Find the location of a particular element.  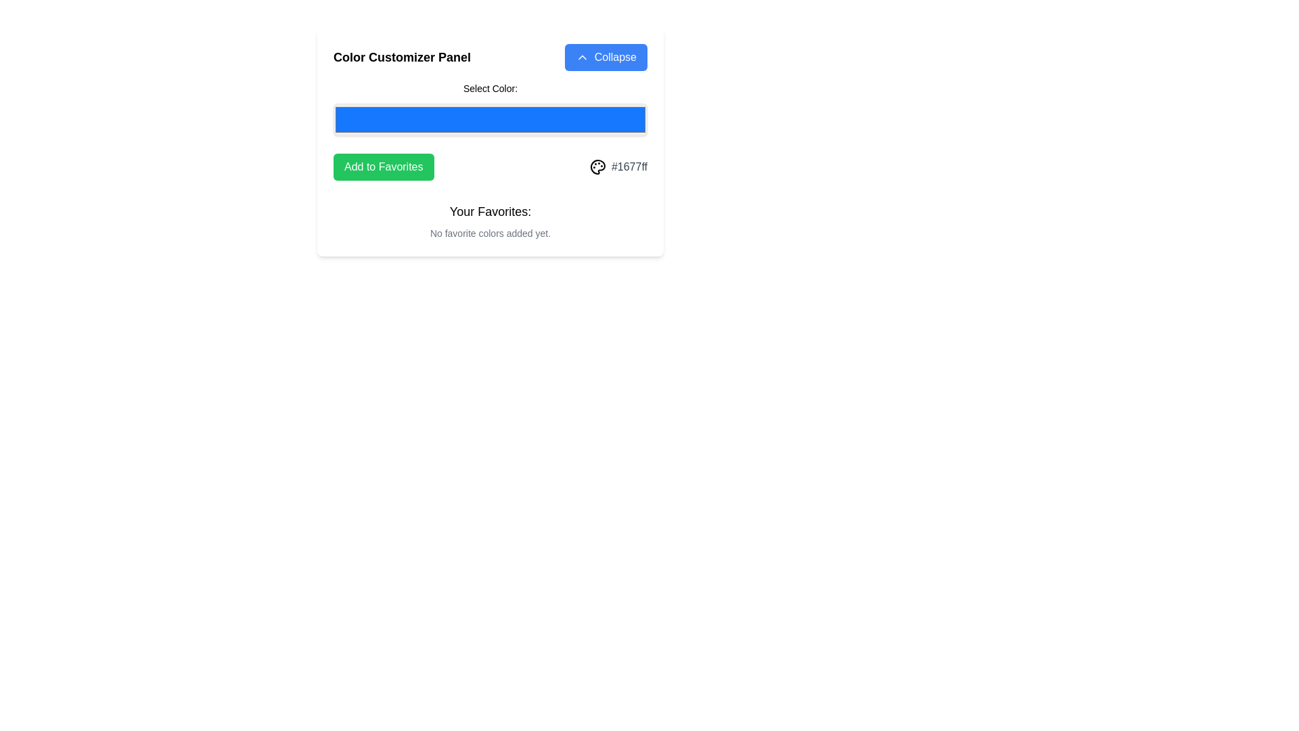

color is located at coordinates (489, 119).